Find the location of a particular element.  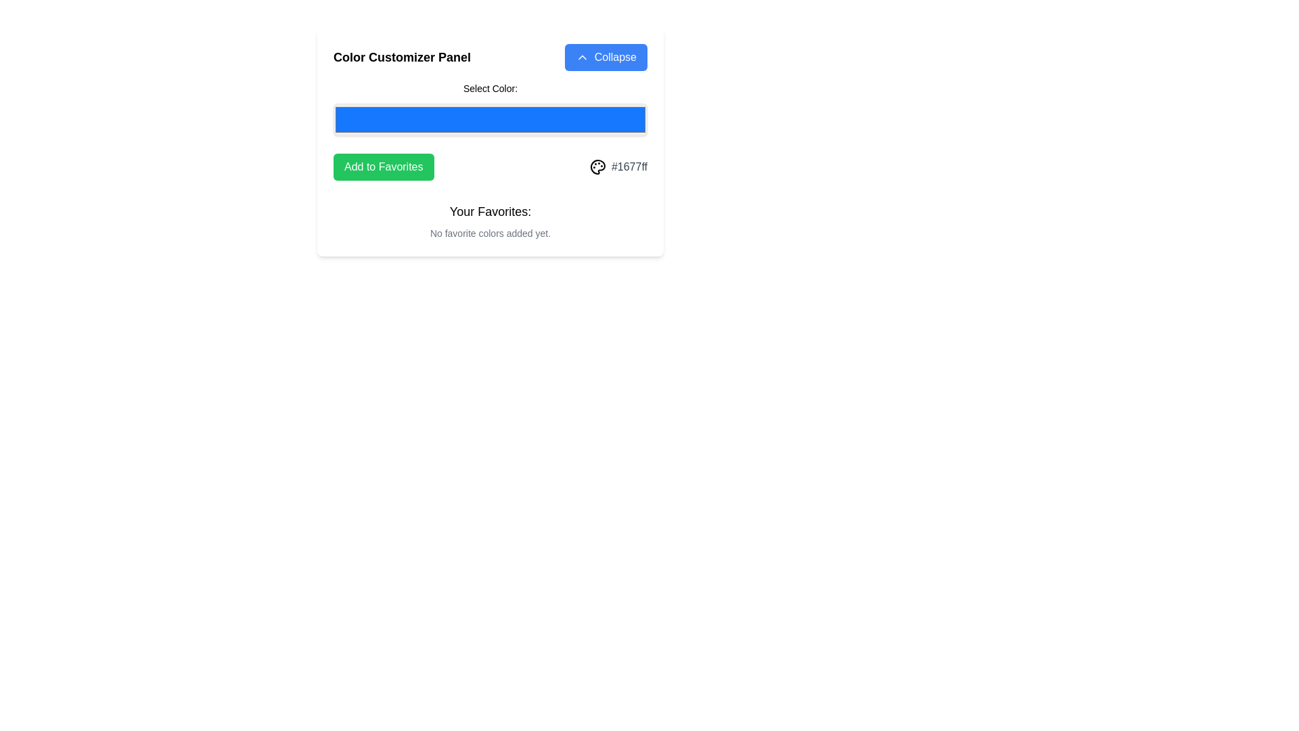

color is located at coordinates (489, 119).